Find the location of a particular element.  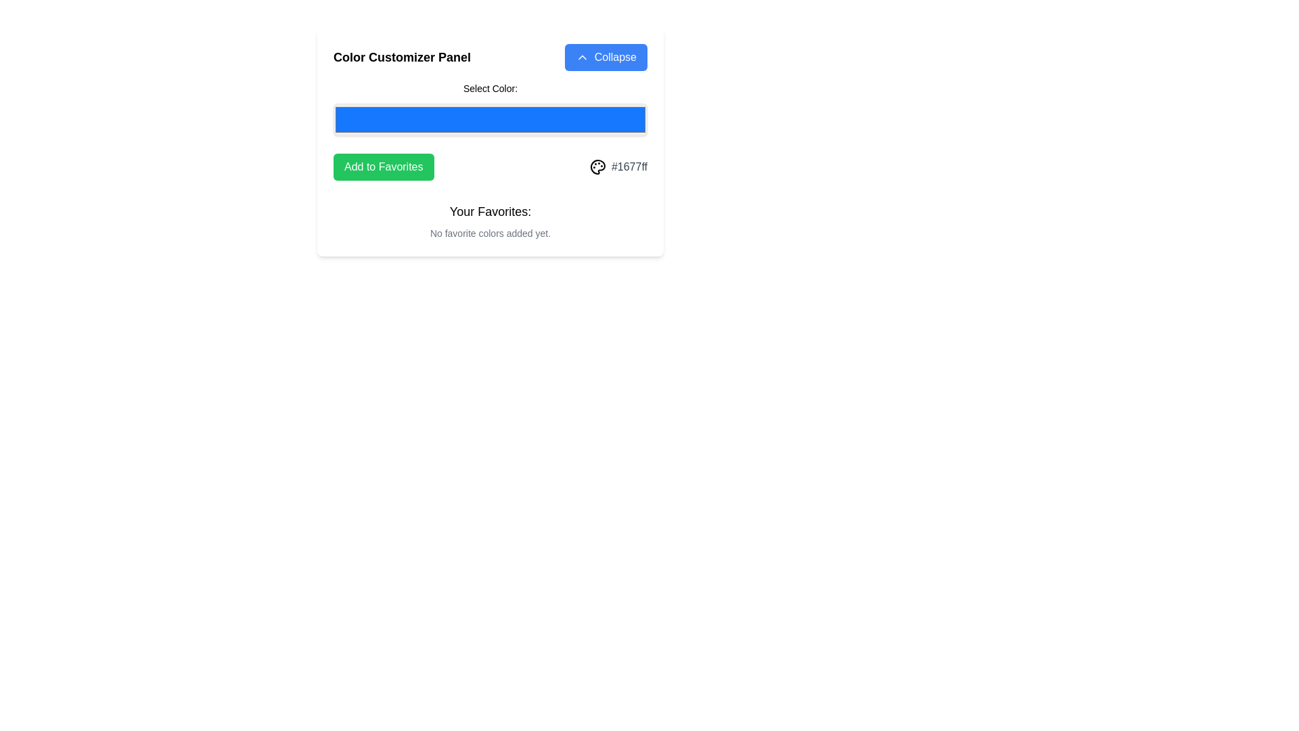

color is located at coordinates (489, 119).